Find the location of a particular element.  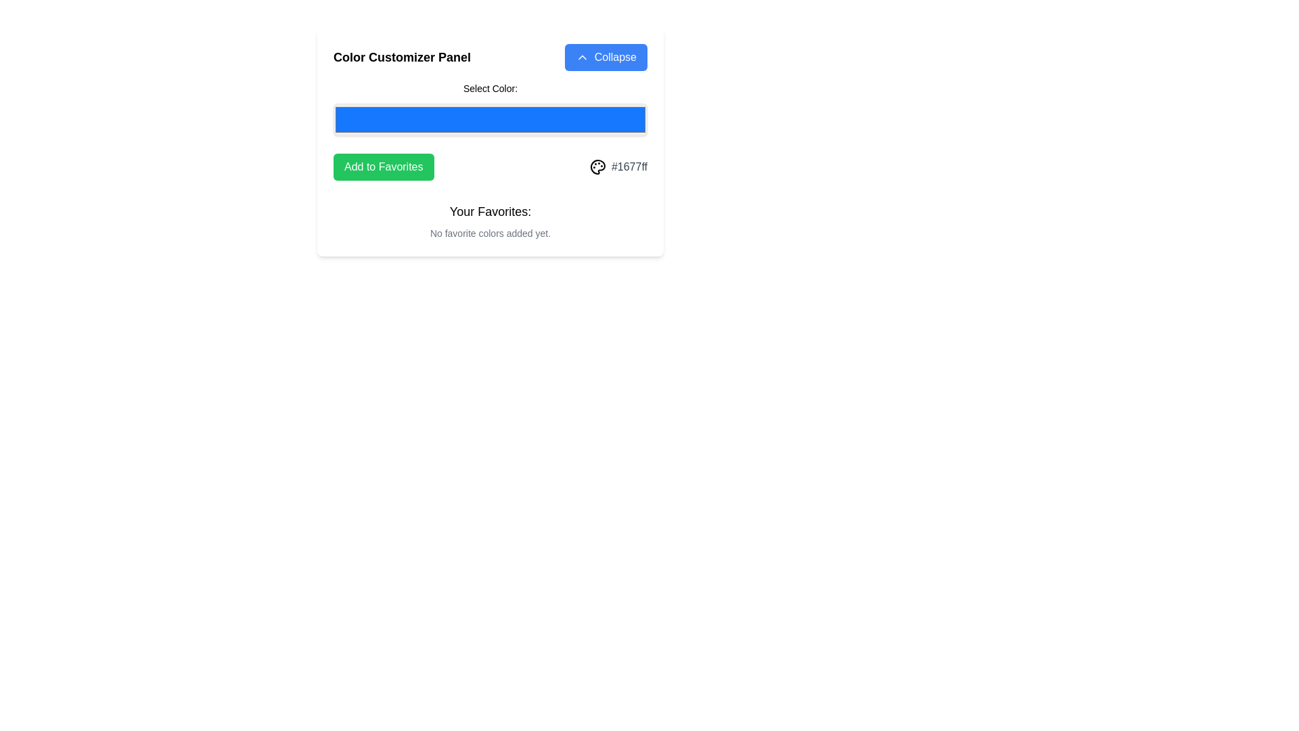

color is located at coordinates (489, 119).